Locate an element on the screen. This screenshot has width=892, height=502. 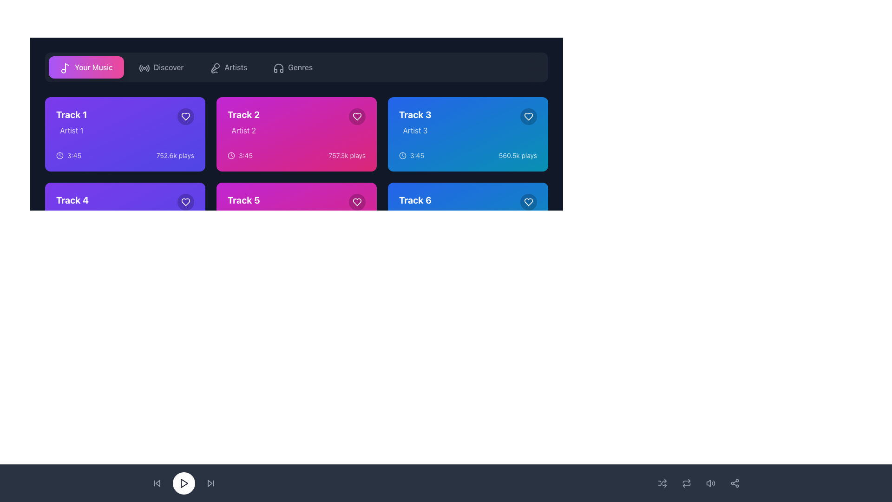
the shuffle icon button located in the bottom navigation bar is located at coordinates (662, 483).